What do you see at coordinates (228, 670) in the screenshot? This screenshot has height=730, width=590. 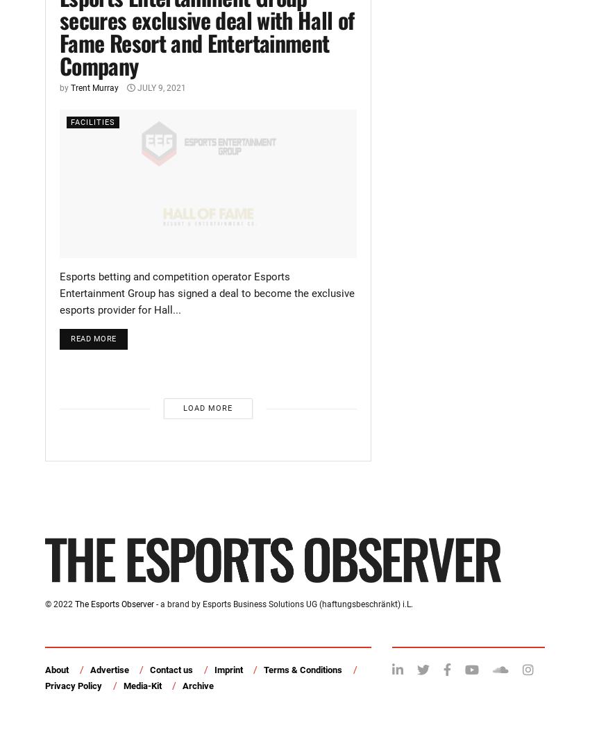 I see `'Imprint'` at bounding box center [228, 670].